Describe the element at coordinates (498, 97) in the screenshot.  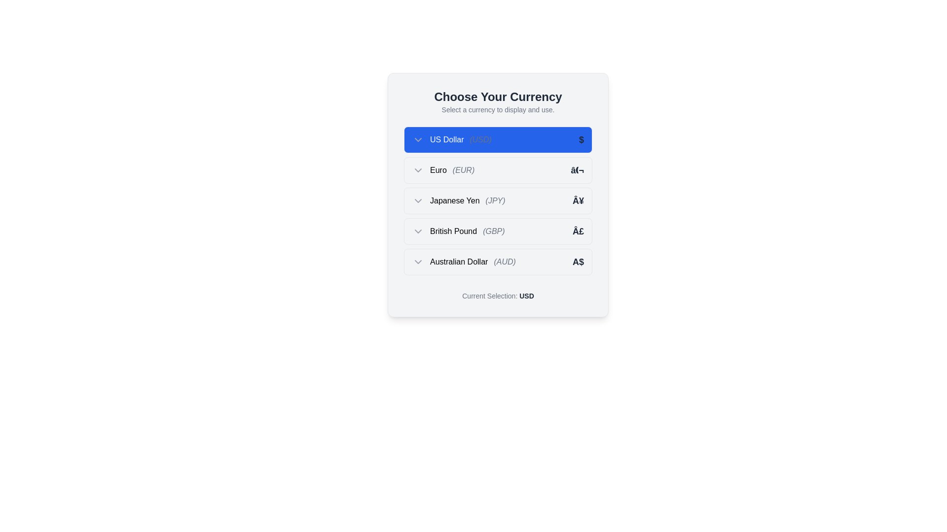
I see `the Header text that indicates the purpose of the currency selection section, located centrally above the descriptive text` at that location.